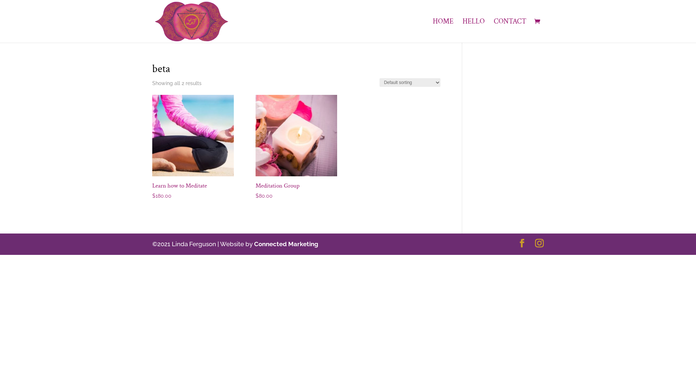  What do you see at coordinates (509, 30) in the screenshot?
I see `'CONTACT'` at bounding box center [509, 30].